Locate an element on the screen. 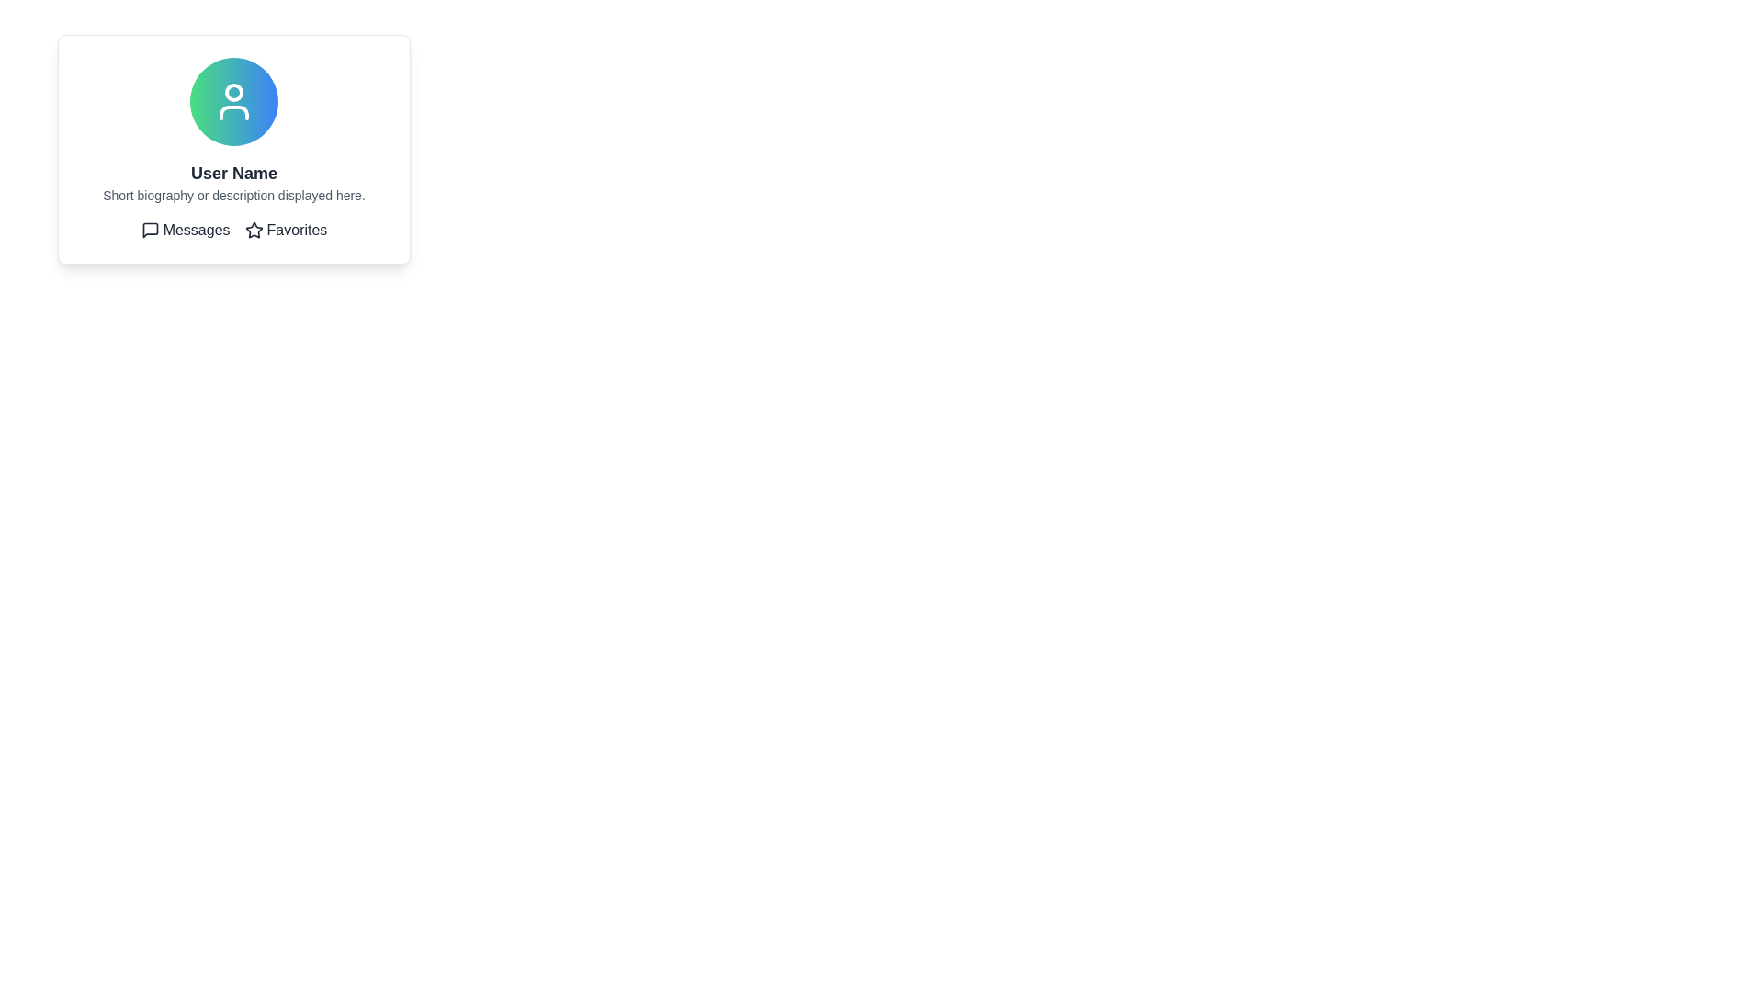 The height and width of the screenshot is (992, 1764). the static text label that provides descriptive text or biography, positioned below the 'User Name' and above the 'Messages' and 'Favorites' rows in the card layout is located at coordinates (232, 195).